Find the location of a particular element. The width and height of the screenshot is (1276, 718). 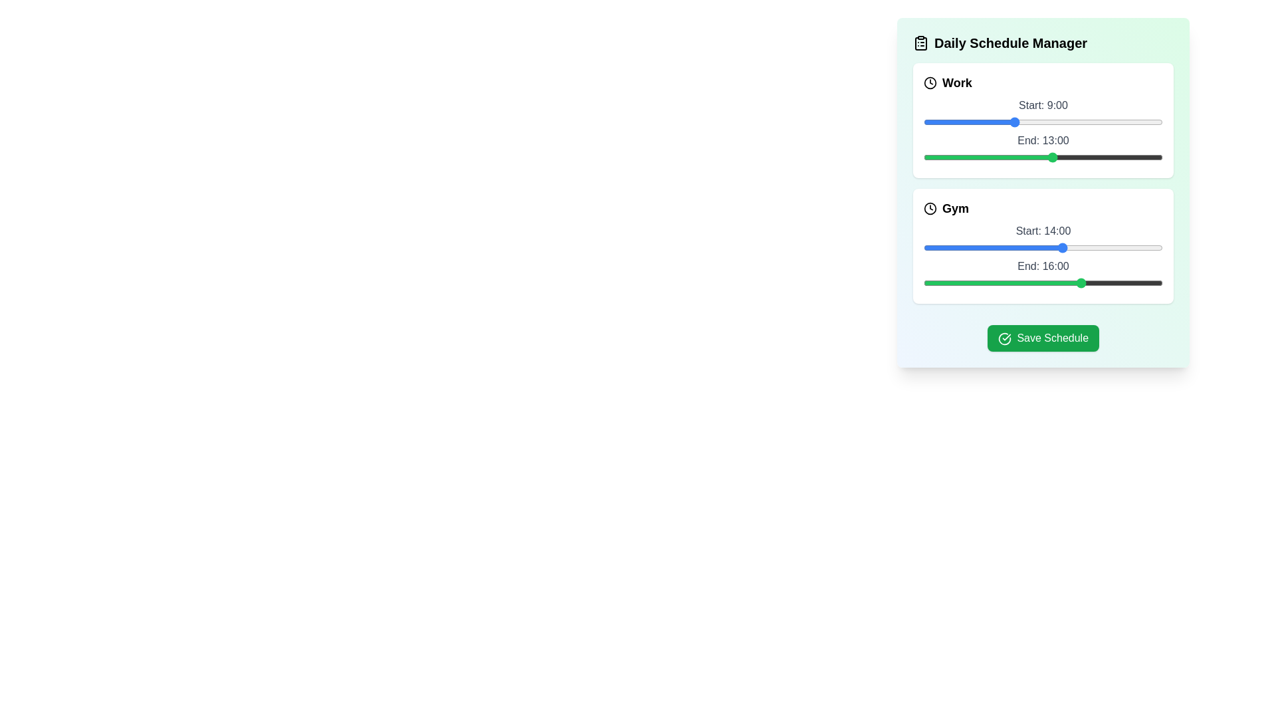

the end time of the task to 4 hours using the slider is located at coordinates (963, 156).